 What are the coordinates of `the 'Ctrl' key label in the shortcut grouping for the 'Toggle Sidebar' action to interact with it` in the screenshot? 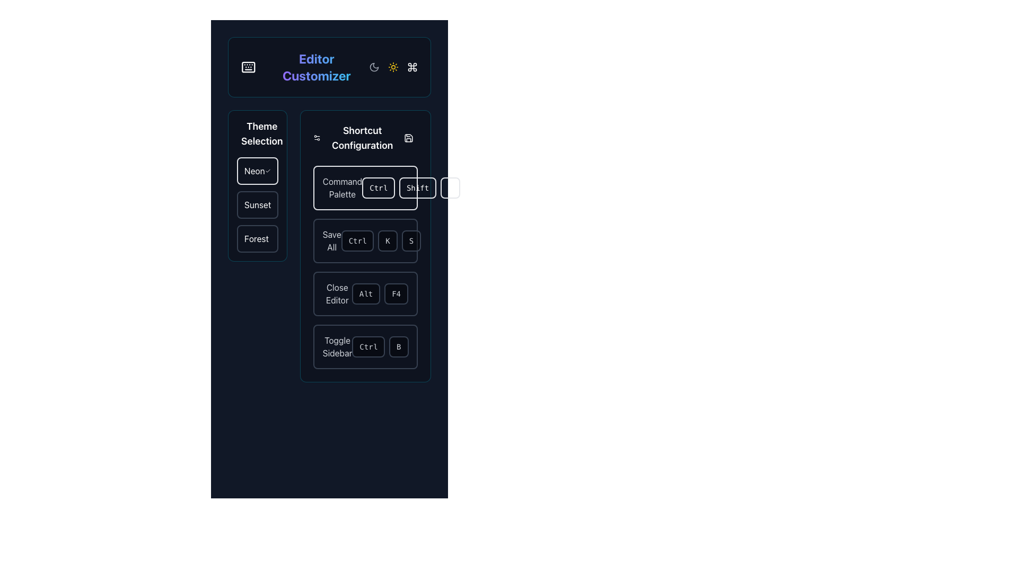 It's located at (365, 347).